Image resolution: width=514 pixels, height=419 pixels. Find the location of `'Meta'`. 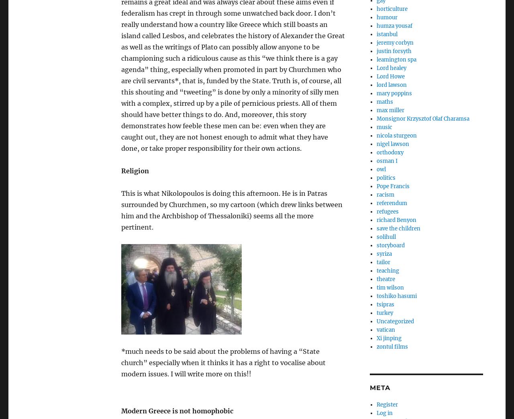

'Meta' is located at coordinates (379, 388).